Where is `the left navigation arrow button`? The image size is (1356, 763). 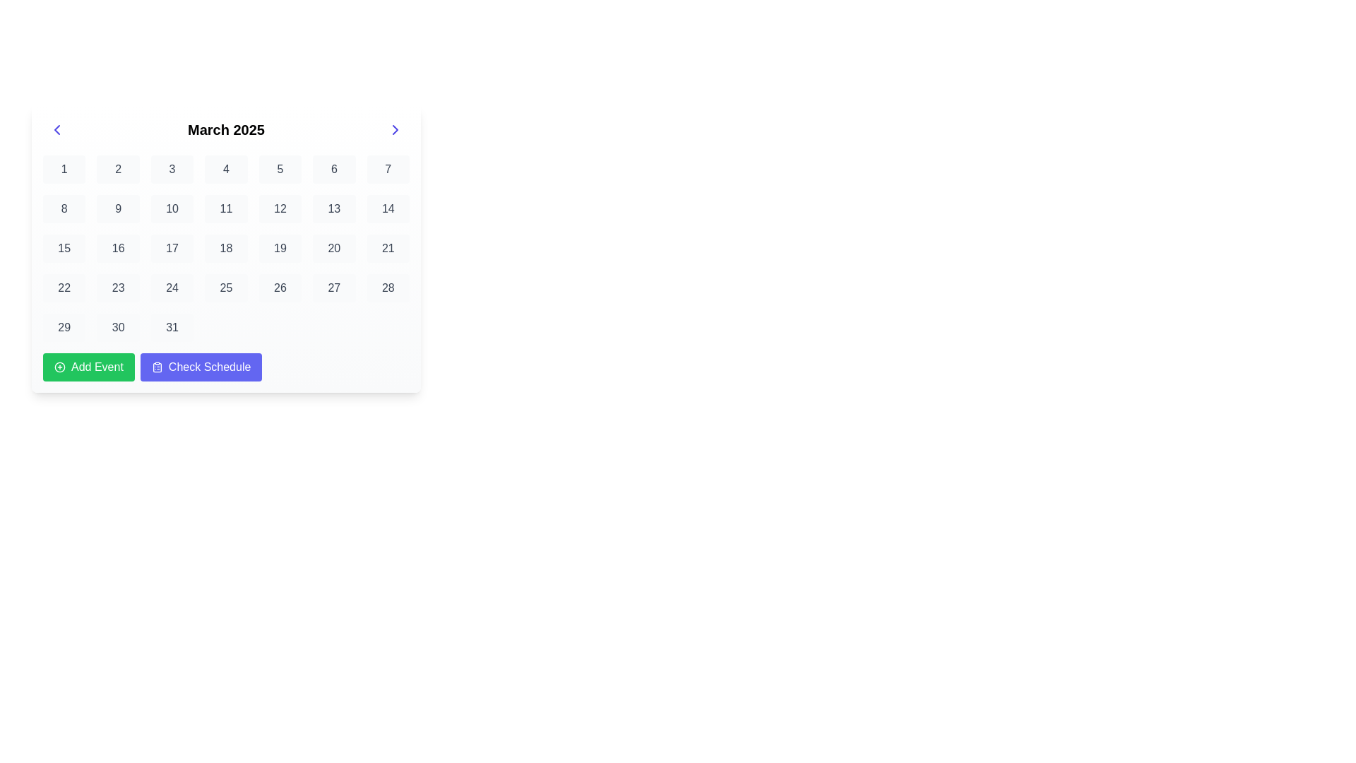
the left navigation arrow button is located at coordinates (56, 130).